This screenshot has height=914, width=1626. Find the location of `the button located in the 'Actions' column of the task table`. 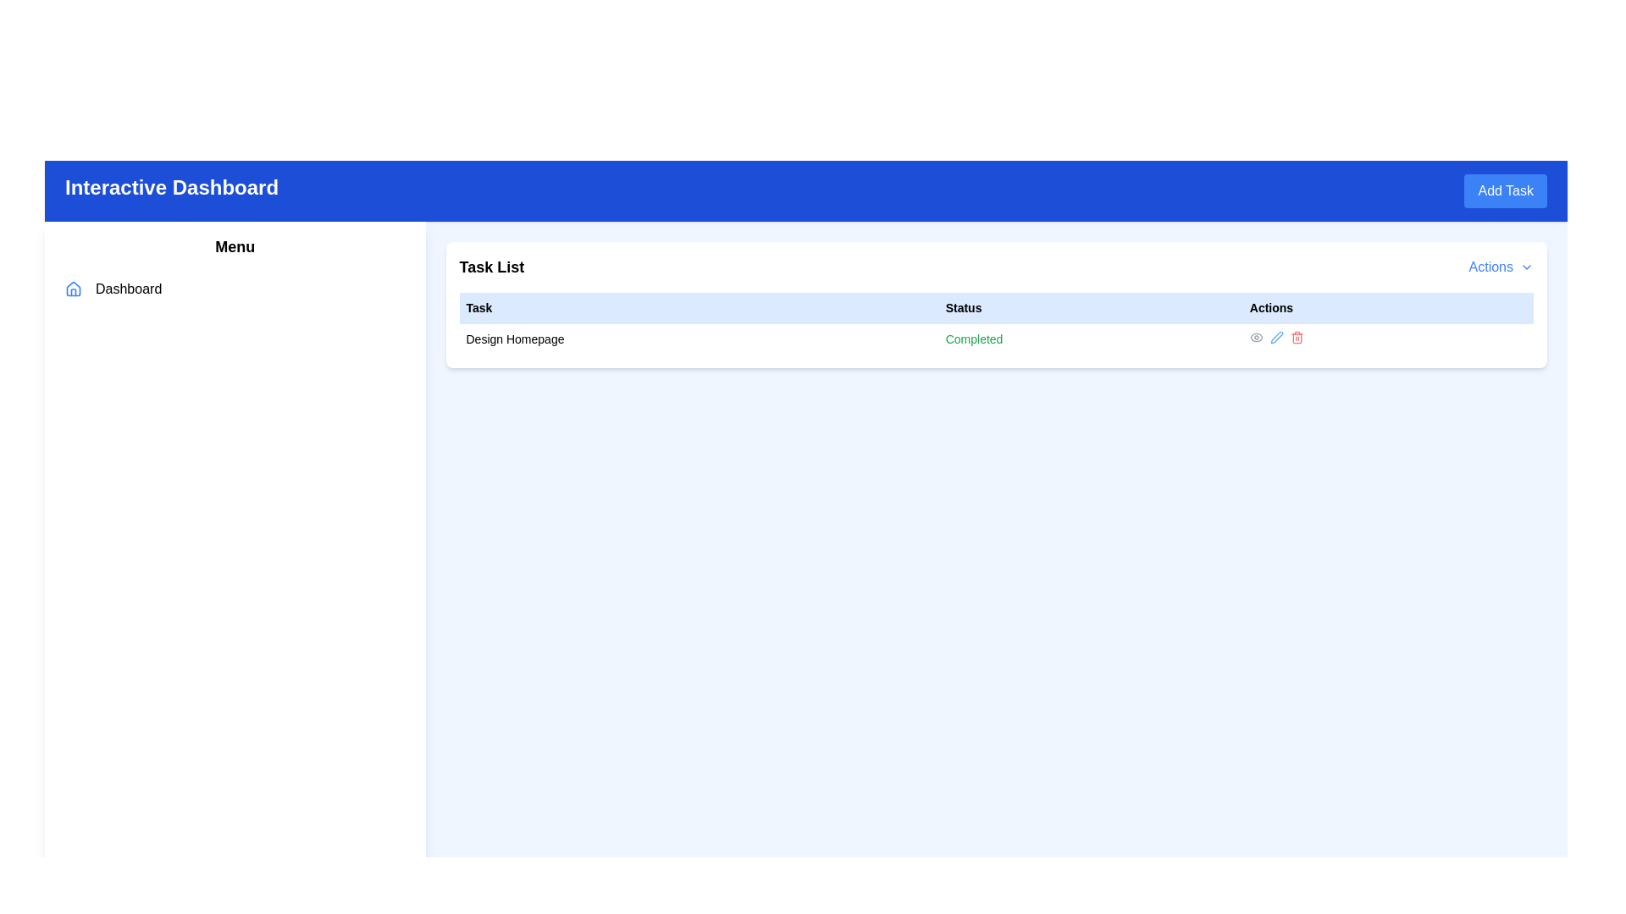

the button located in the 'Actions' column of the task table is located at coordinates (1256, 337).